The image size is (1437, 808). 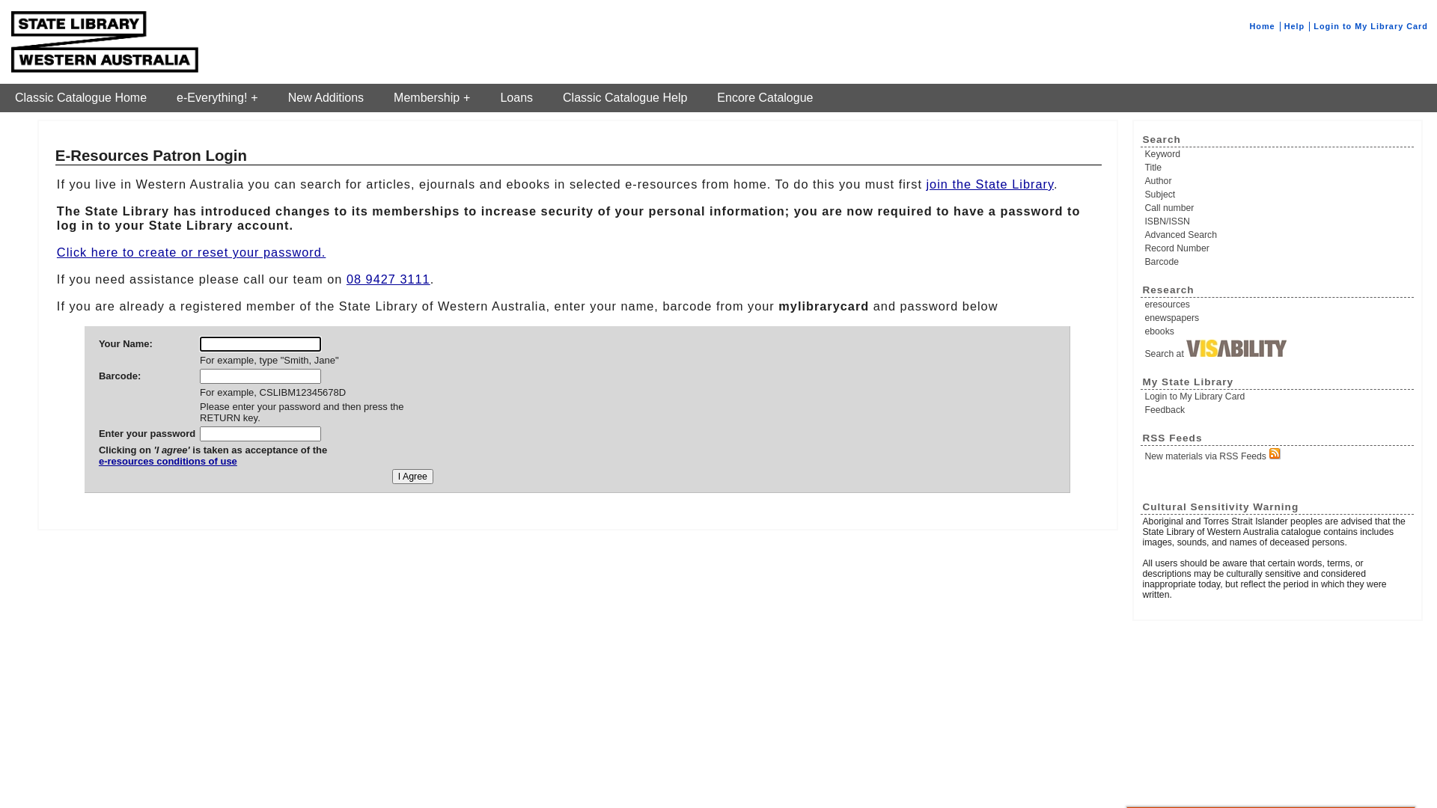 What do you see at coordinates (765, 98) in the screenshot?
I see `'Encore Catalogue'` at bounding box center [765, 98].